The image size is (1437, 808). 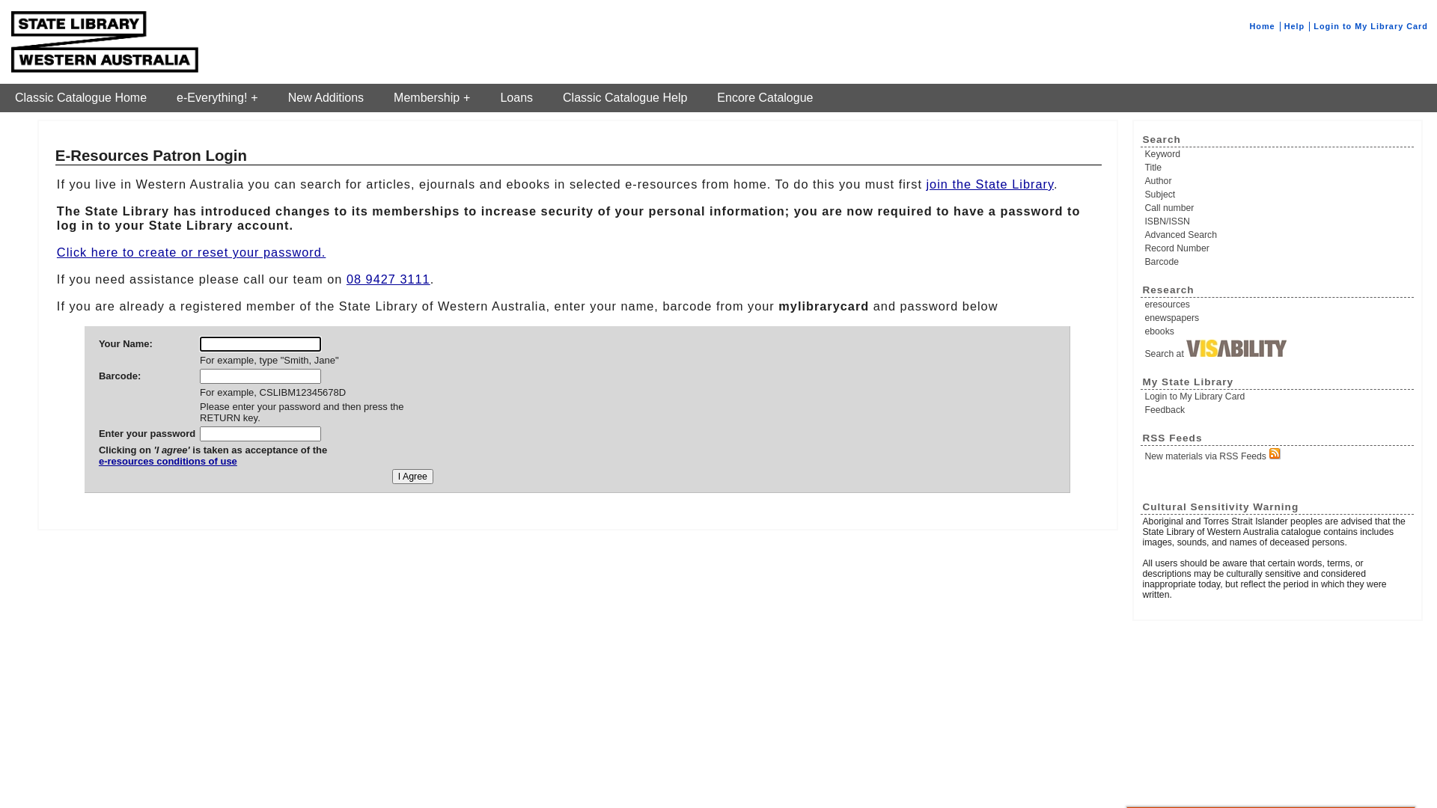 What do you see at coordinates (765, 98) in the screenshot?
I see `'Encore Catalogue'` at bounding box center [765, 98].